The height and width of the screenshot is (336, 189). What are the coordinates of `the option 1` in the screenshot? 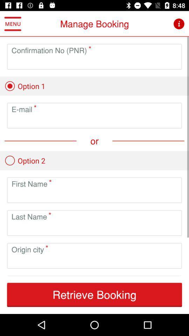 It's located at (24, 86).